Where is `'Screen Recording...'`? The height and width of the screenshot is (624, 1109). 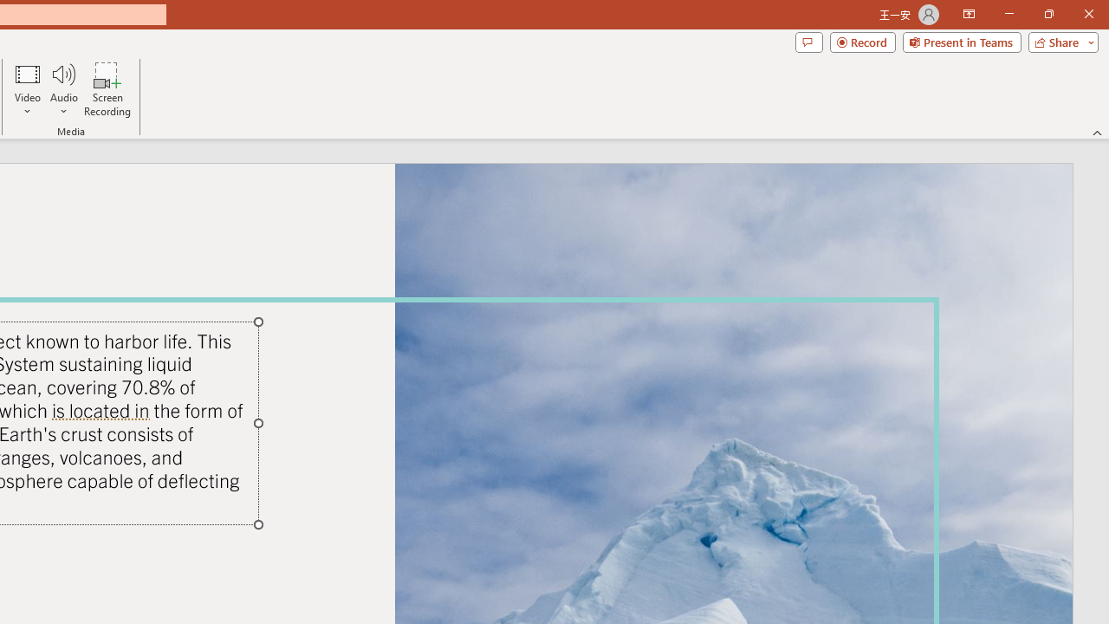
'Screen Recording...' is located at coordinates (107, 89).